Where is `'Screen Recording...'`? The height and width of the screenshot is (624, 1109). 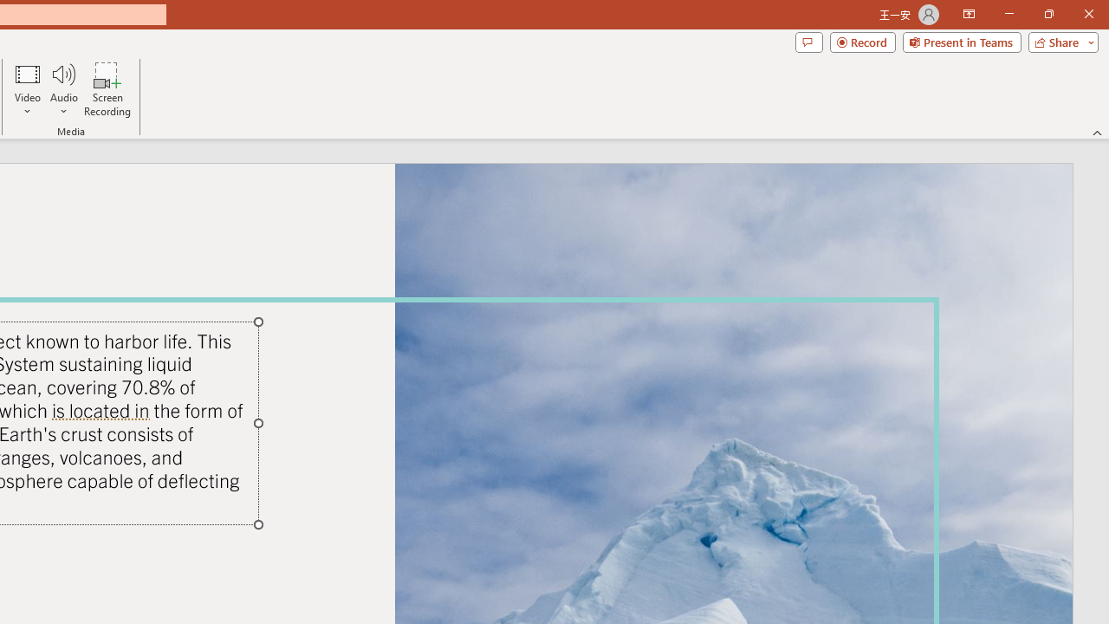
'Screen Recording...' is located at coordinates (107, 89).